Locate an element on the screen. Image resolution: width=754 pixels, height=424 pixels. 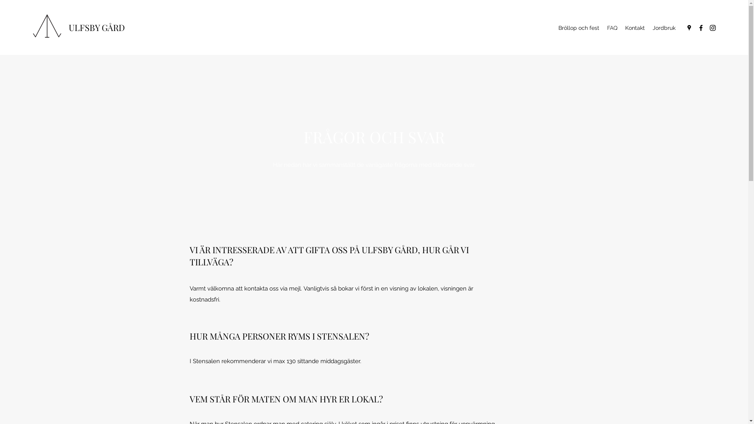
'Jordbruk' is located at coordinates (663, 27).